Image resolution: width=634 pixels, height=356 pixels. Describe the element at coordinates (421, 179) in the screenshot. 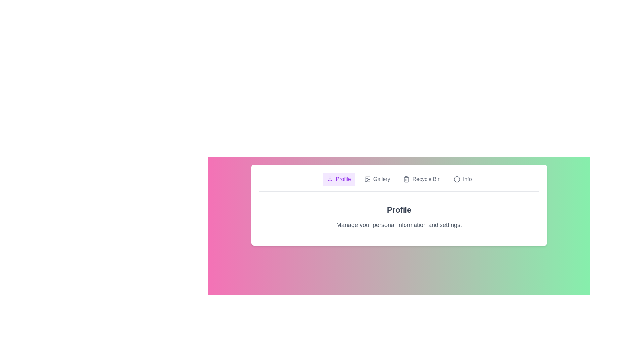

I see `the tab labeled Recycle Bin` at that location.